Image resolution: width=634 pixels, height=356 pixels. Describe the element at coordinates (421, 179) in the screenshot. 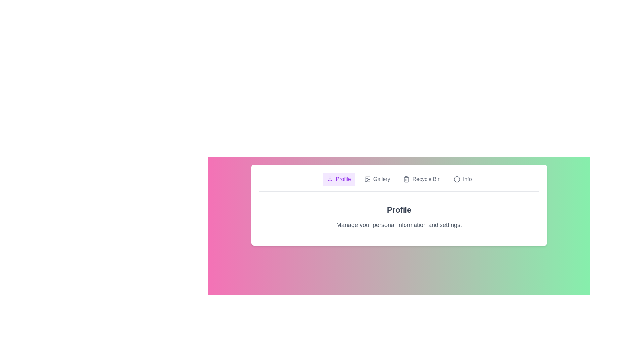

I see `the tab labeled Recycle Bin` at that location.